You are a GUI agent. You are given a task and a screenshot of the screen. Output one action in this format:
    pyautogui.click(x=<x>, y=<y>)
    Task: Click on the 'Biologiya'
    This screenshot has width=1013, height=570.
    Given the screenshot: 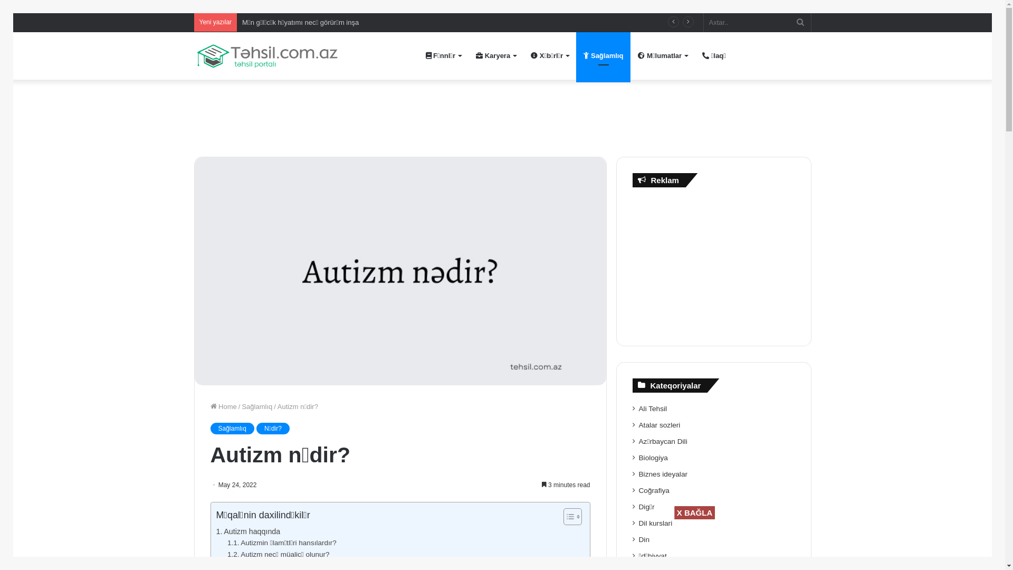 What is the action you would take?
    pyautogui.click(x=653, y=457)
    